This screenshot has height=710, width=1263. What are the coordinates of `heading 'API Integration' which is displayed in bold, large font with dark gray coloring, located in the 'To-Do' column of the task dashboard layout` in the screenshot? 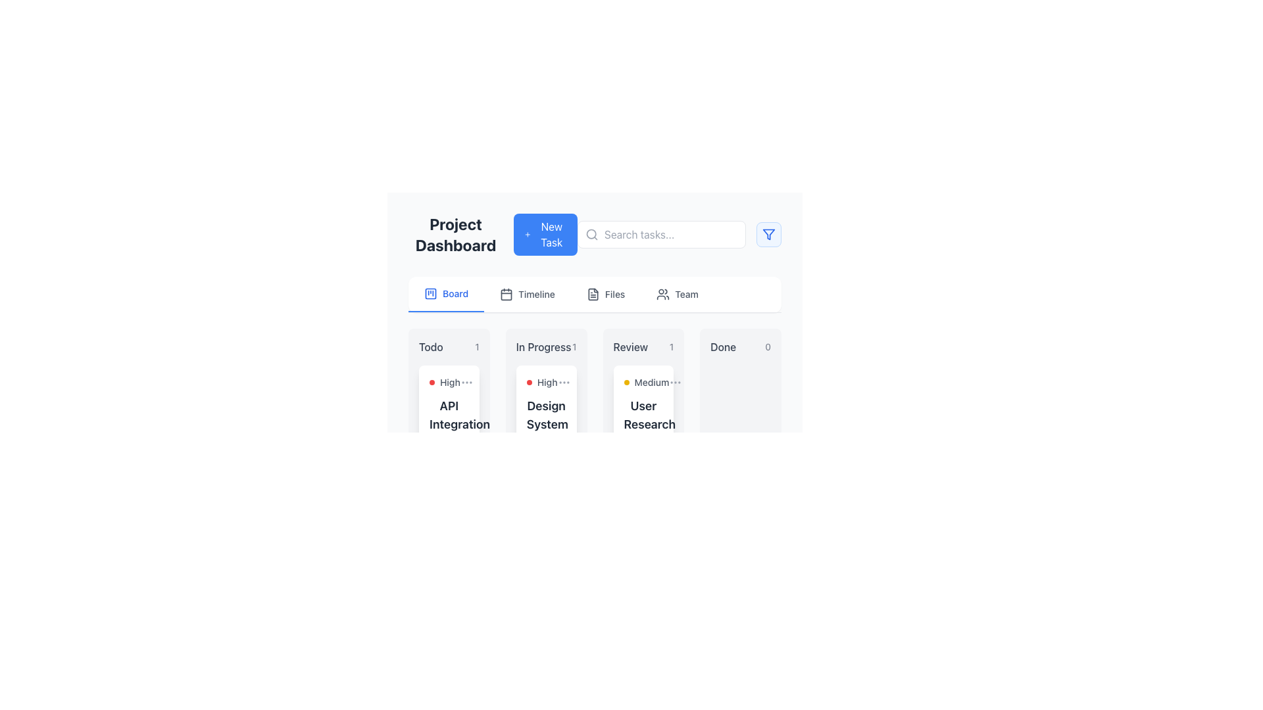 It's located at (449, 415).